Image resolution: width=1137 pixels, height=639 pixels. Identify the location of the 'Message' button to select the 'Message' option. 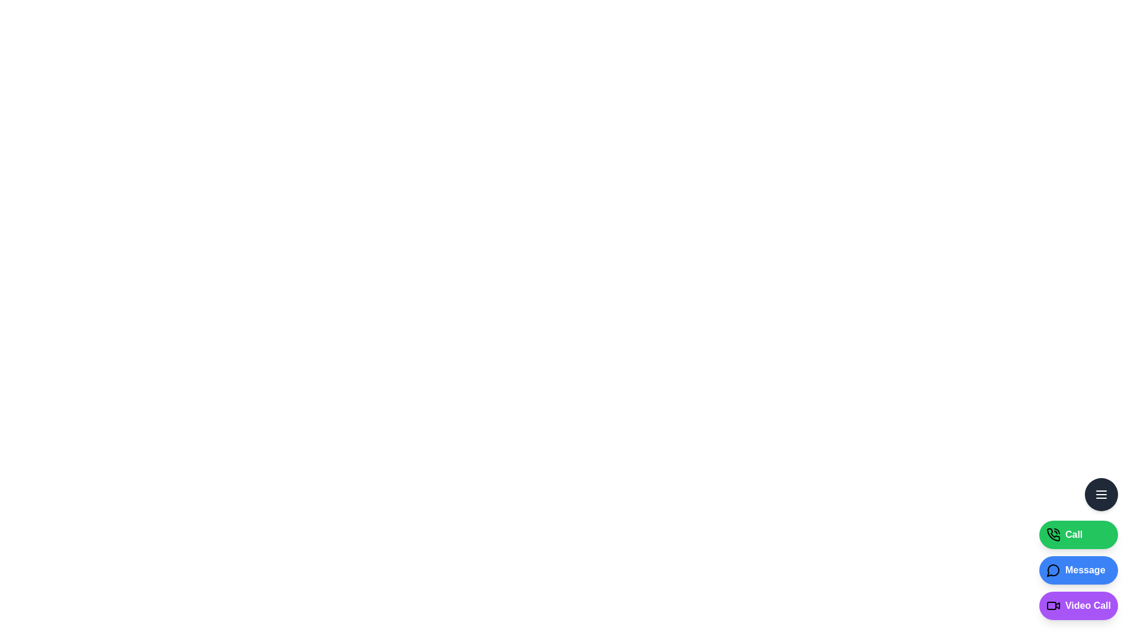
(1078, 570).